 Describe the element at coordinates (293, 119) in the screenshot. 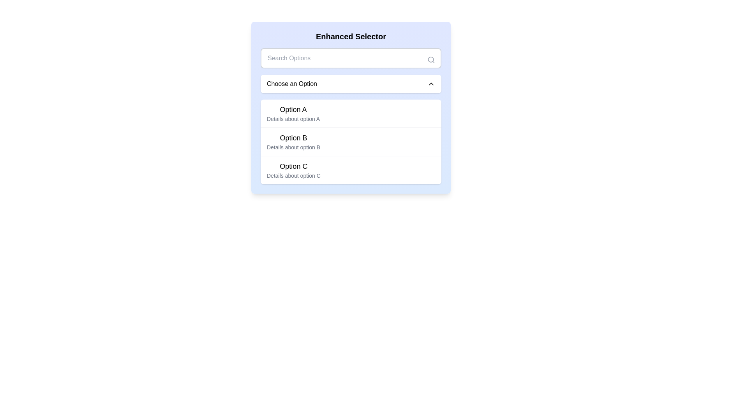

I see `the descriptive text label providing additional information about 'Option A', located within the option card directly below its title in the dropdown component` at that location.